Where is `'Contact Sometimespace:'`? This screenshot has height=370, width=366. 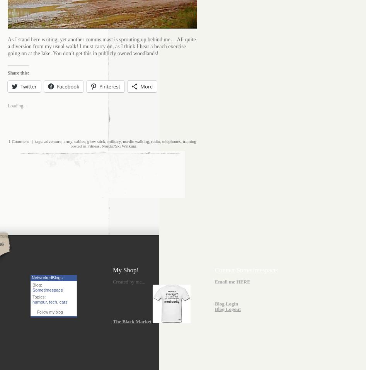 'Contact Sometimespace:' is located at coordinates (246, 269).